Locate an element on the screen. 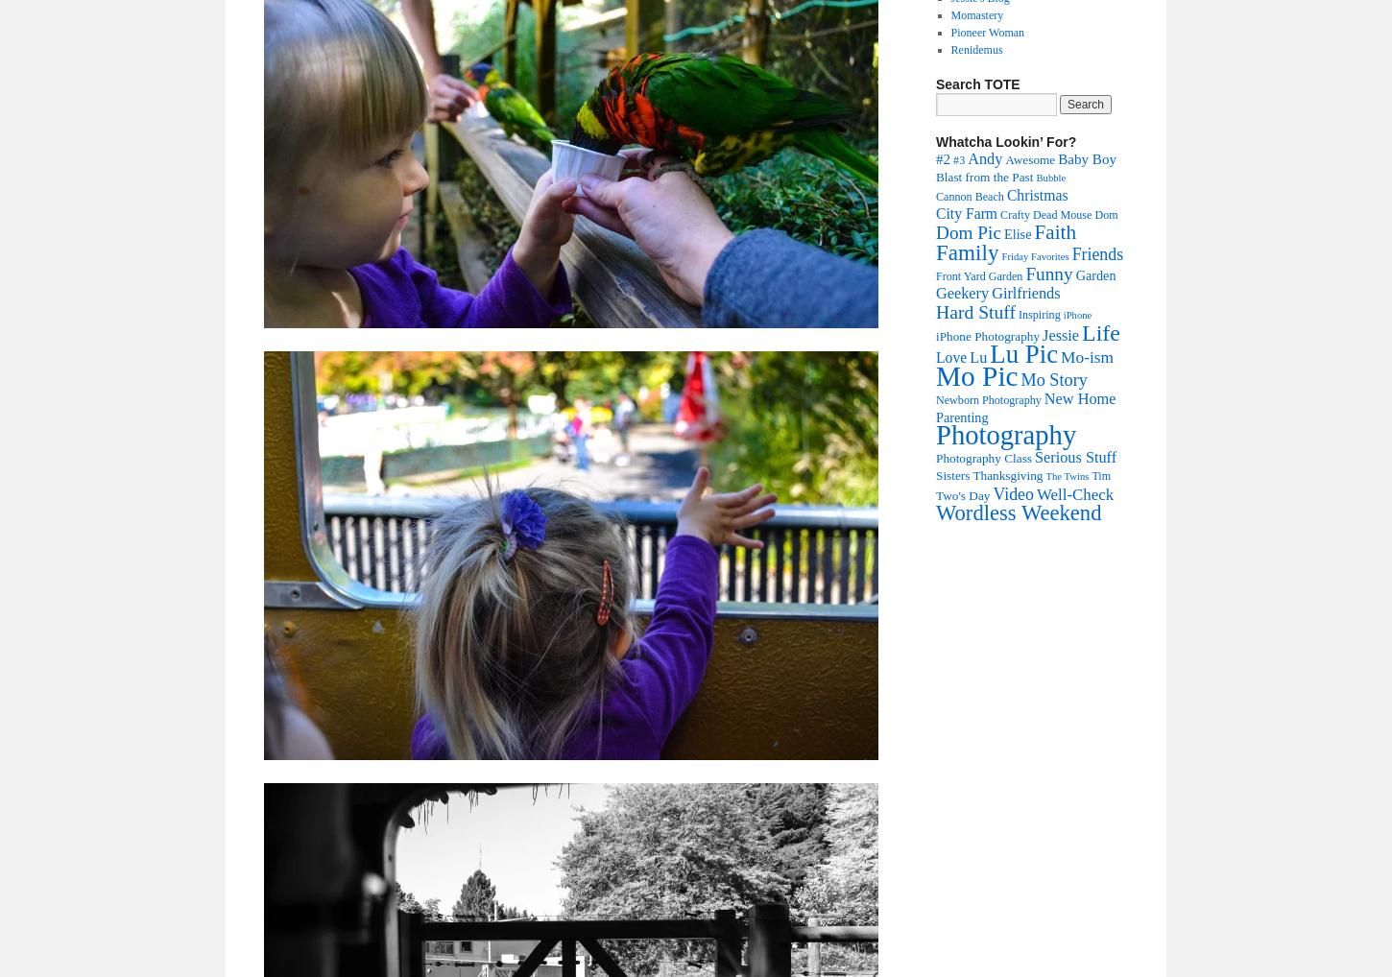  'Dom Pic' is located at coordinates (968, 231).